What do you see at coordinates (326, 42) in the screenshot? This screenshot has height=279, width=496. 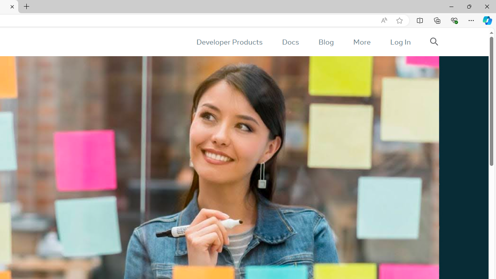 I see `'Blog'` at bounding box center [326, 42].